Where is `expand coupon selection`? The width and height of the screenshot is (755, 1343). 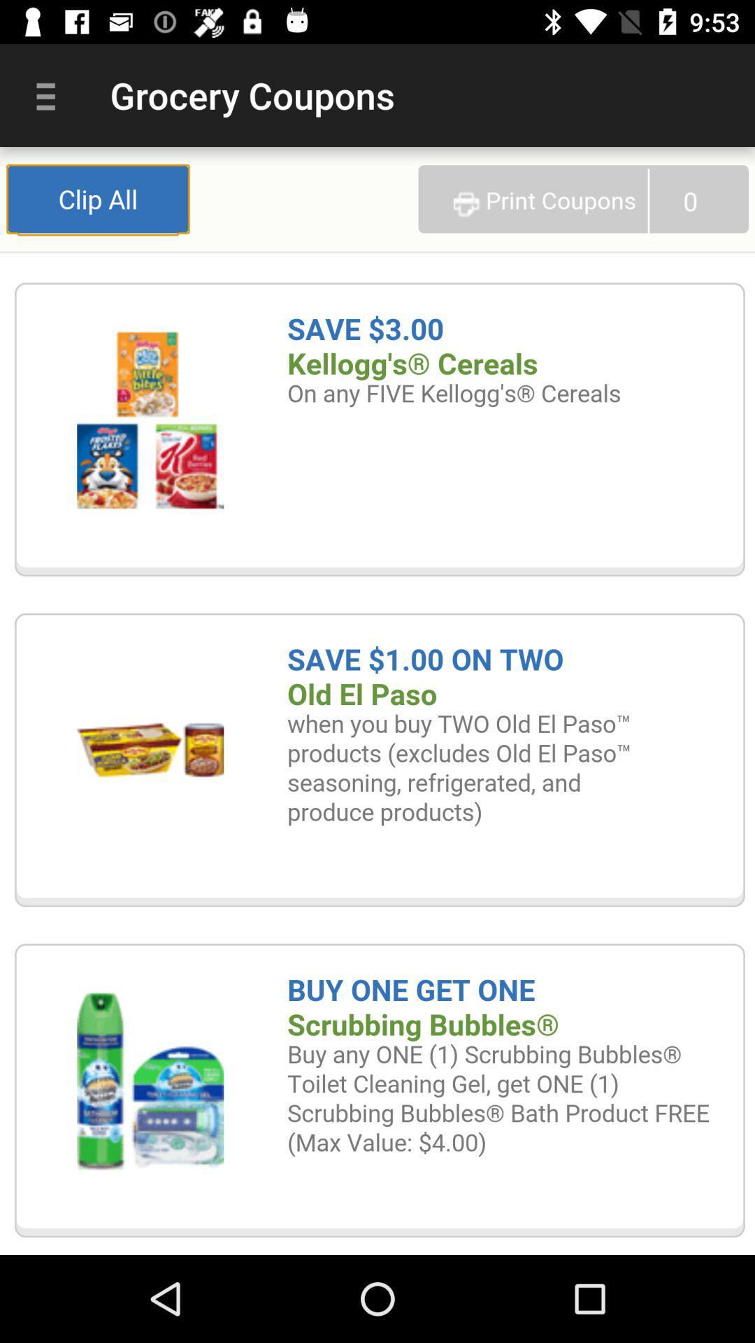
expand coupon selection is located at coordinates (377, 701).